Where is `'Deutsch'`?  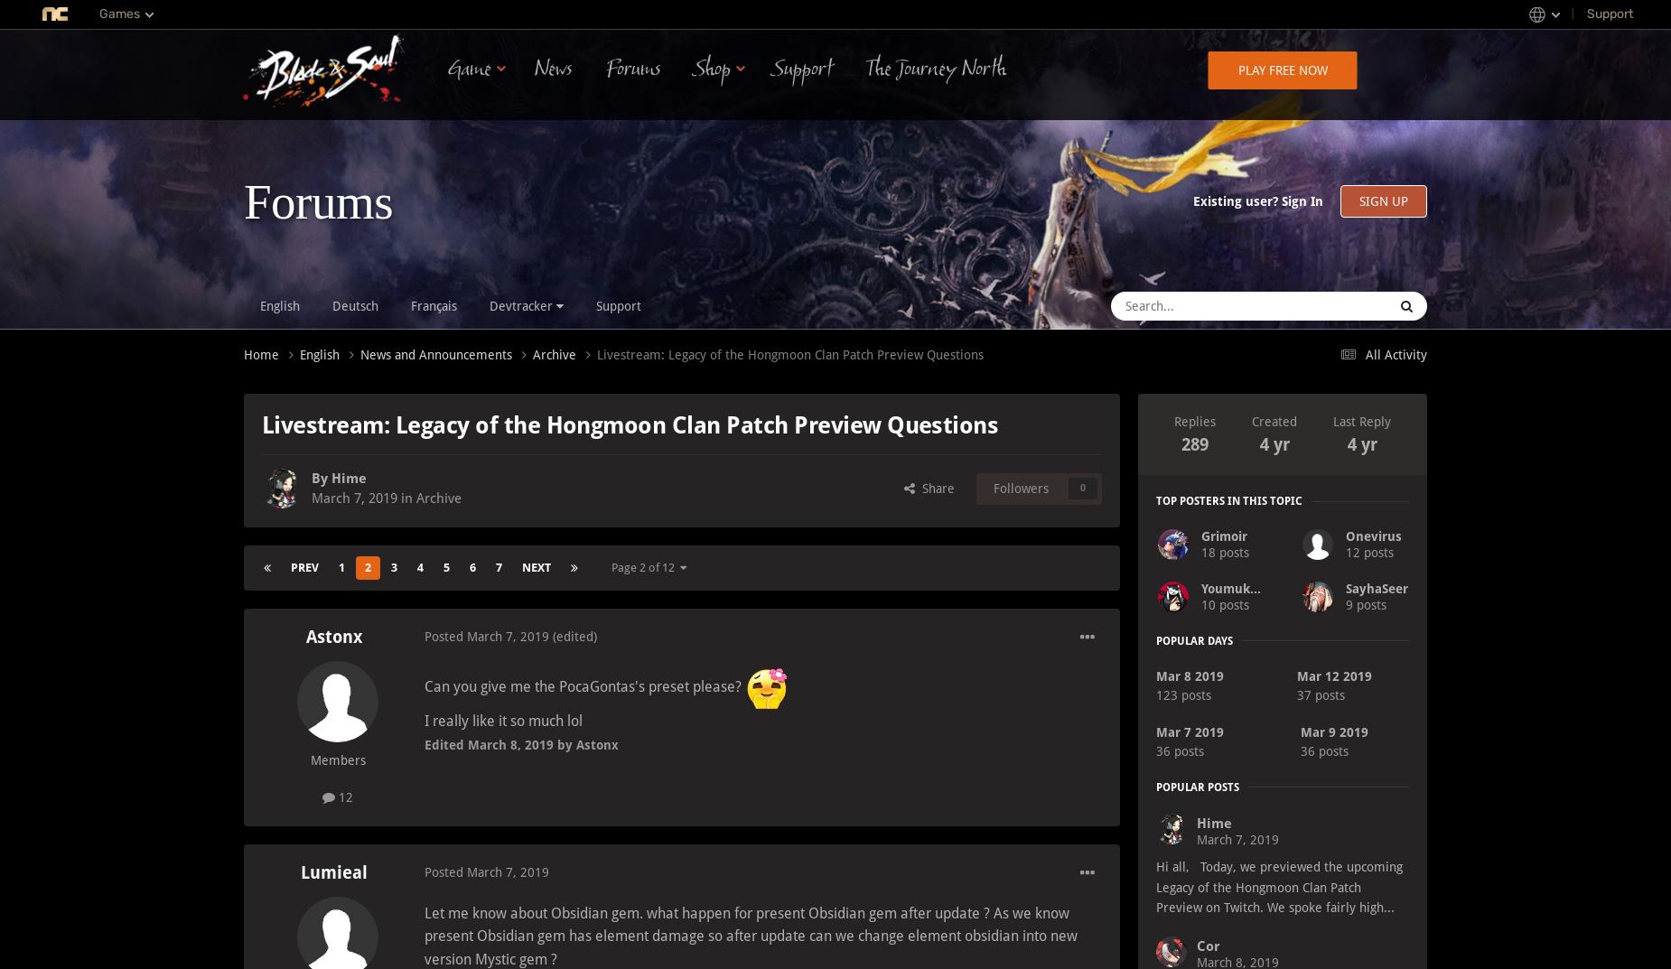
'Deutsch' is located at coordinates (354, 305).